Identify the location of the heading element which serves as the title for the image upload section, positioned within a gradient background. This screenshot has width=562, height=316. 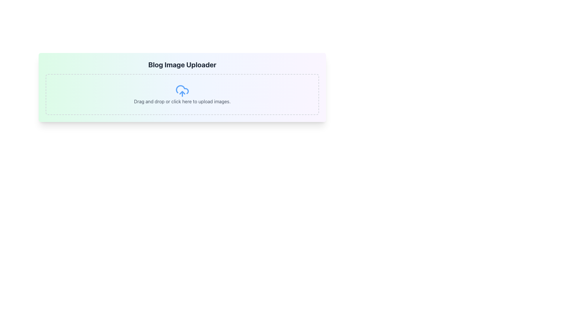
(182, 64).